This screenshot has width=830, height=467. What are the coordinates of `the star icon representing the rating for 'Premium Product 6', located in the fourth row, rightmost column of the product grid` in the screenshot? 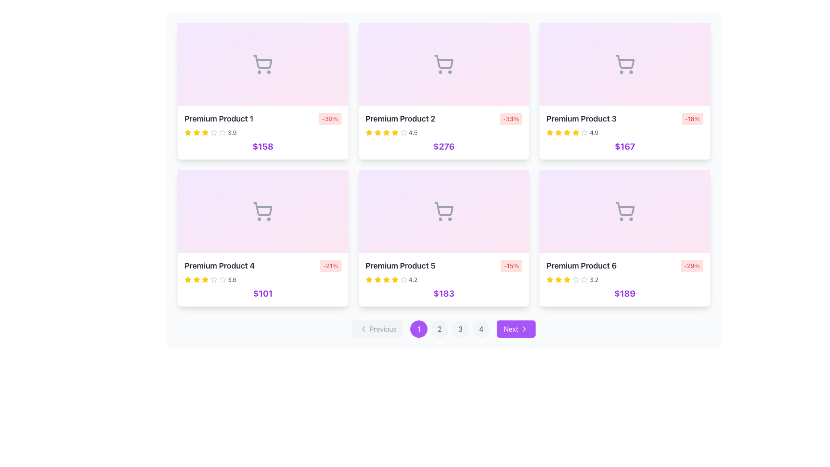 It's located at (549, 279).